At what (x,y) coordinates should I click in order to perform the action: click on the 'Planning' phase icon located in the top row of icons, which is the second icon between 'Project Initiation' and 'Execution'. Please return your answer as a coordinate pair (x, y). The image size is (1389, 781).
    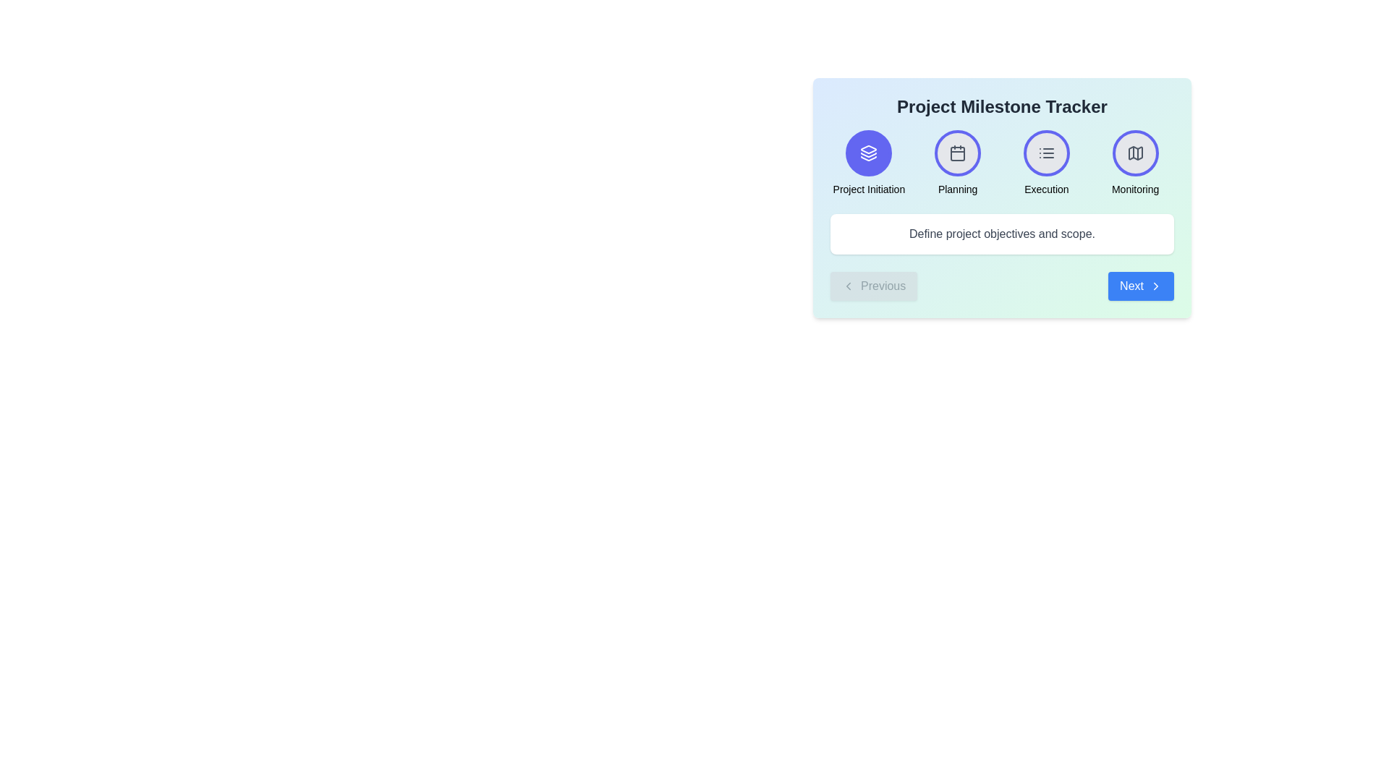
    Looking at the image, I should click on (958, 153).